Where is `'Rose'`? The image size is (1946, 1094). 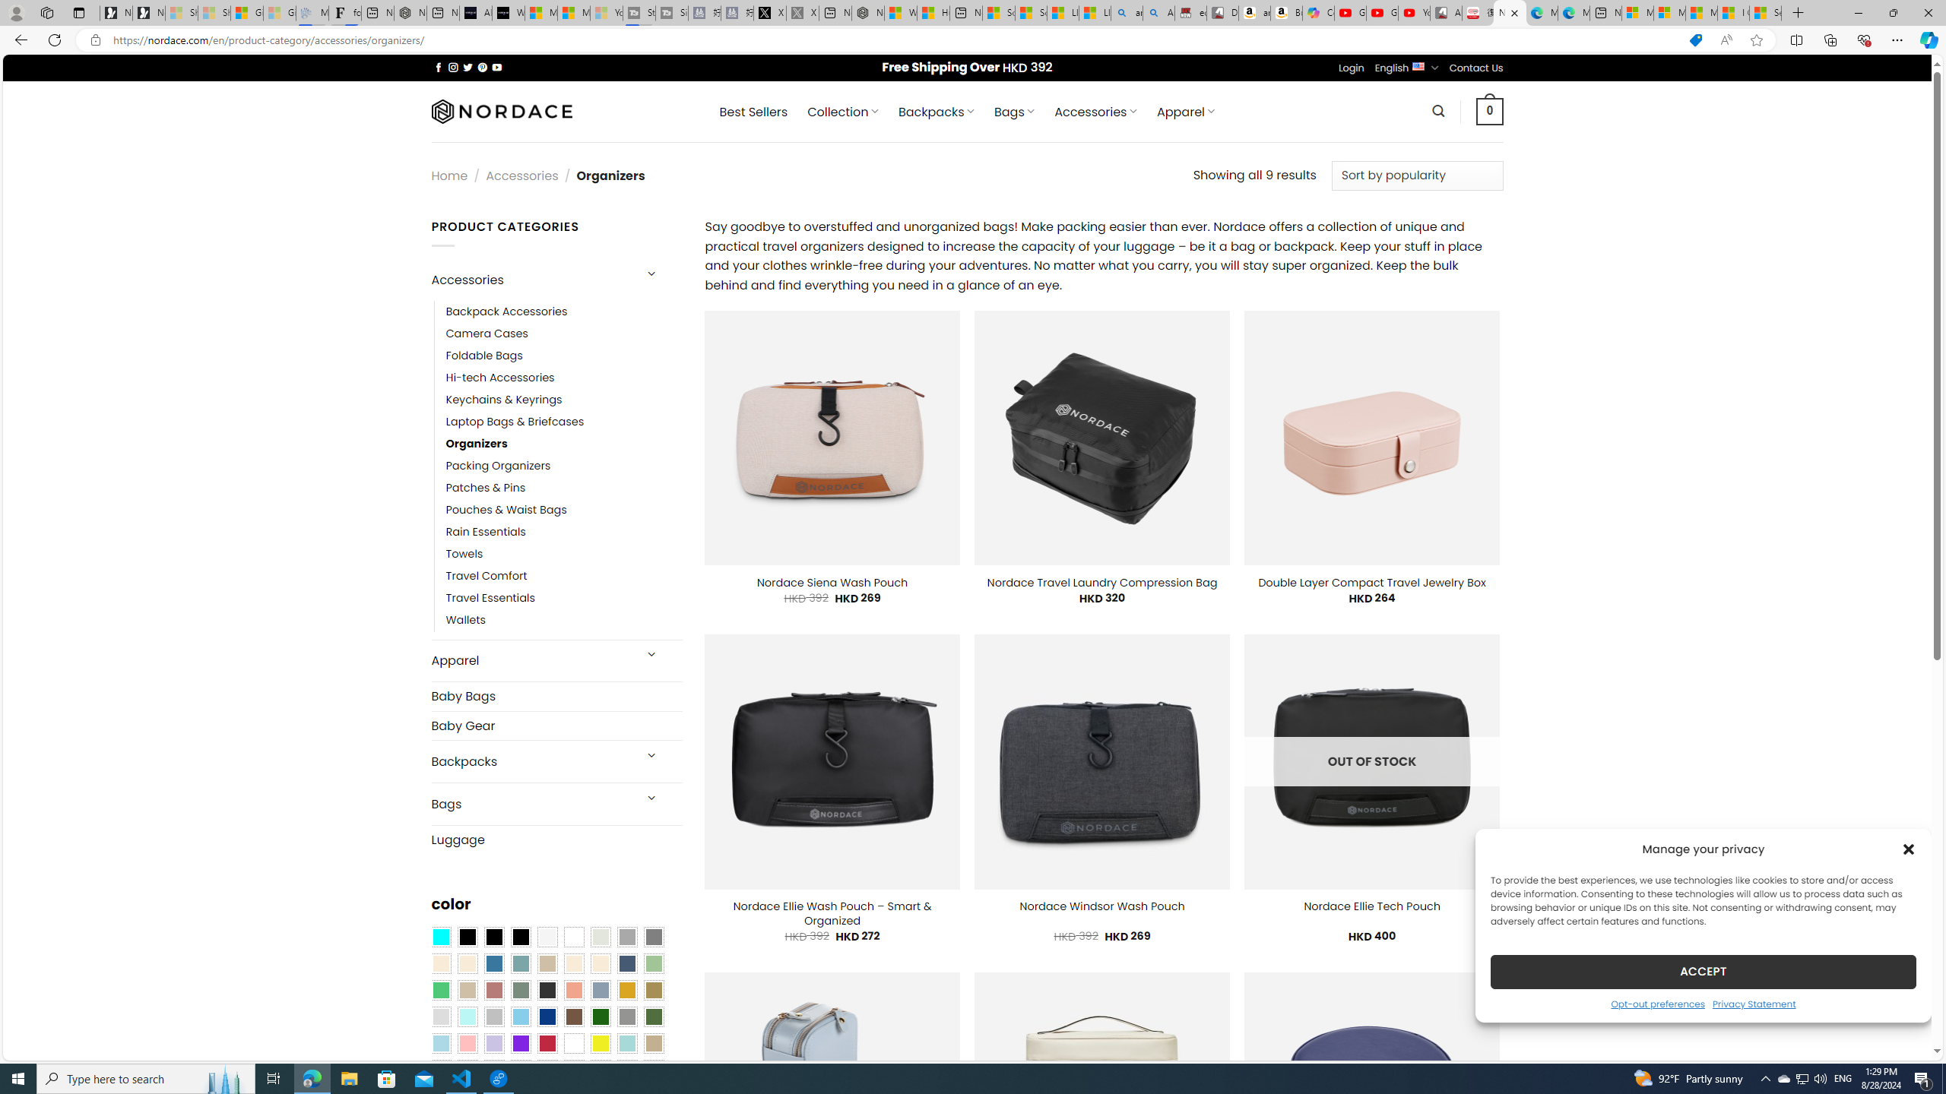 'Rose' is located at coordinates (493, 990).